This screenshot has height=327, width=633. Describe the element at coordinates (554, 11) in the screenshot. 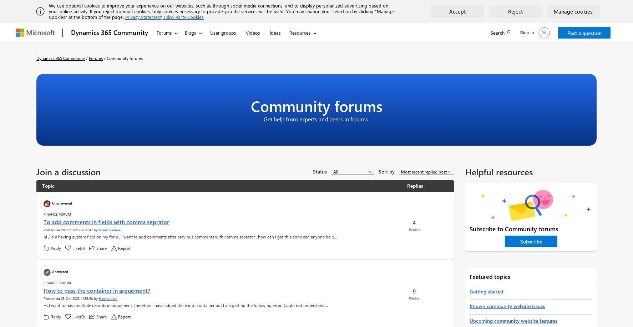

I see `'Manage cookies'` at that location.